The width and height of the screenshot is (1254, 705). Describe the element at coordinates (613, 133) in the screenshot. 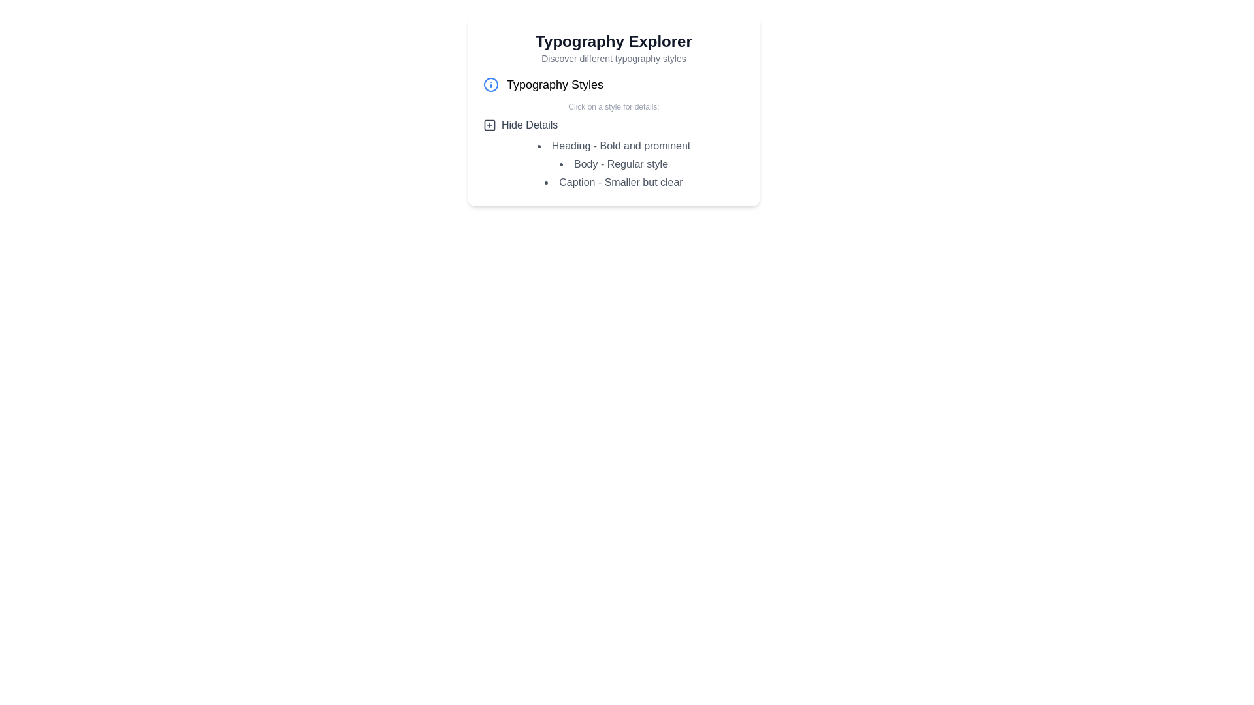

I see `the 'Hide Details' toggle in the Informational Section that provides an overview of typography styles, located beneath the header 'Typography Explorer'` at that location.